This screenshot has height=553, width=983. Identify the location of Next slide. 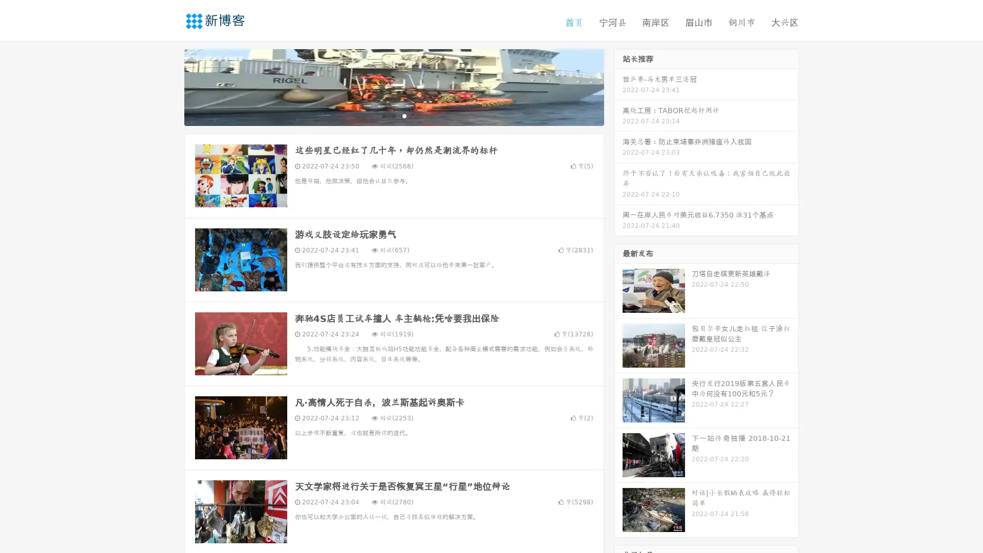
(618, 86).